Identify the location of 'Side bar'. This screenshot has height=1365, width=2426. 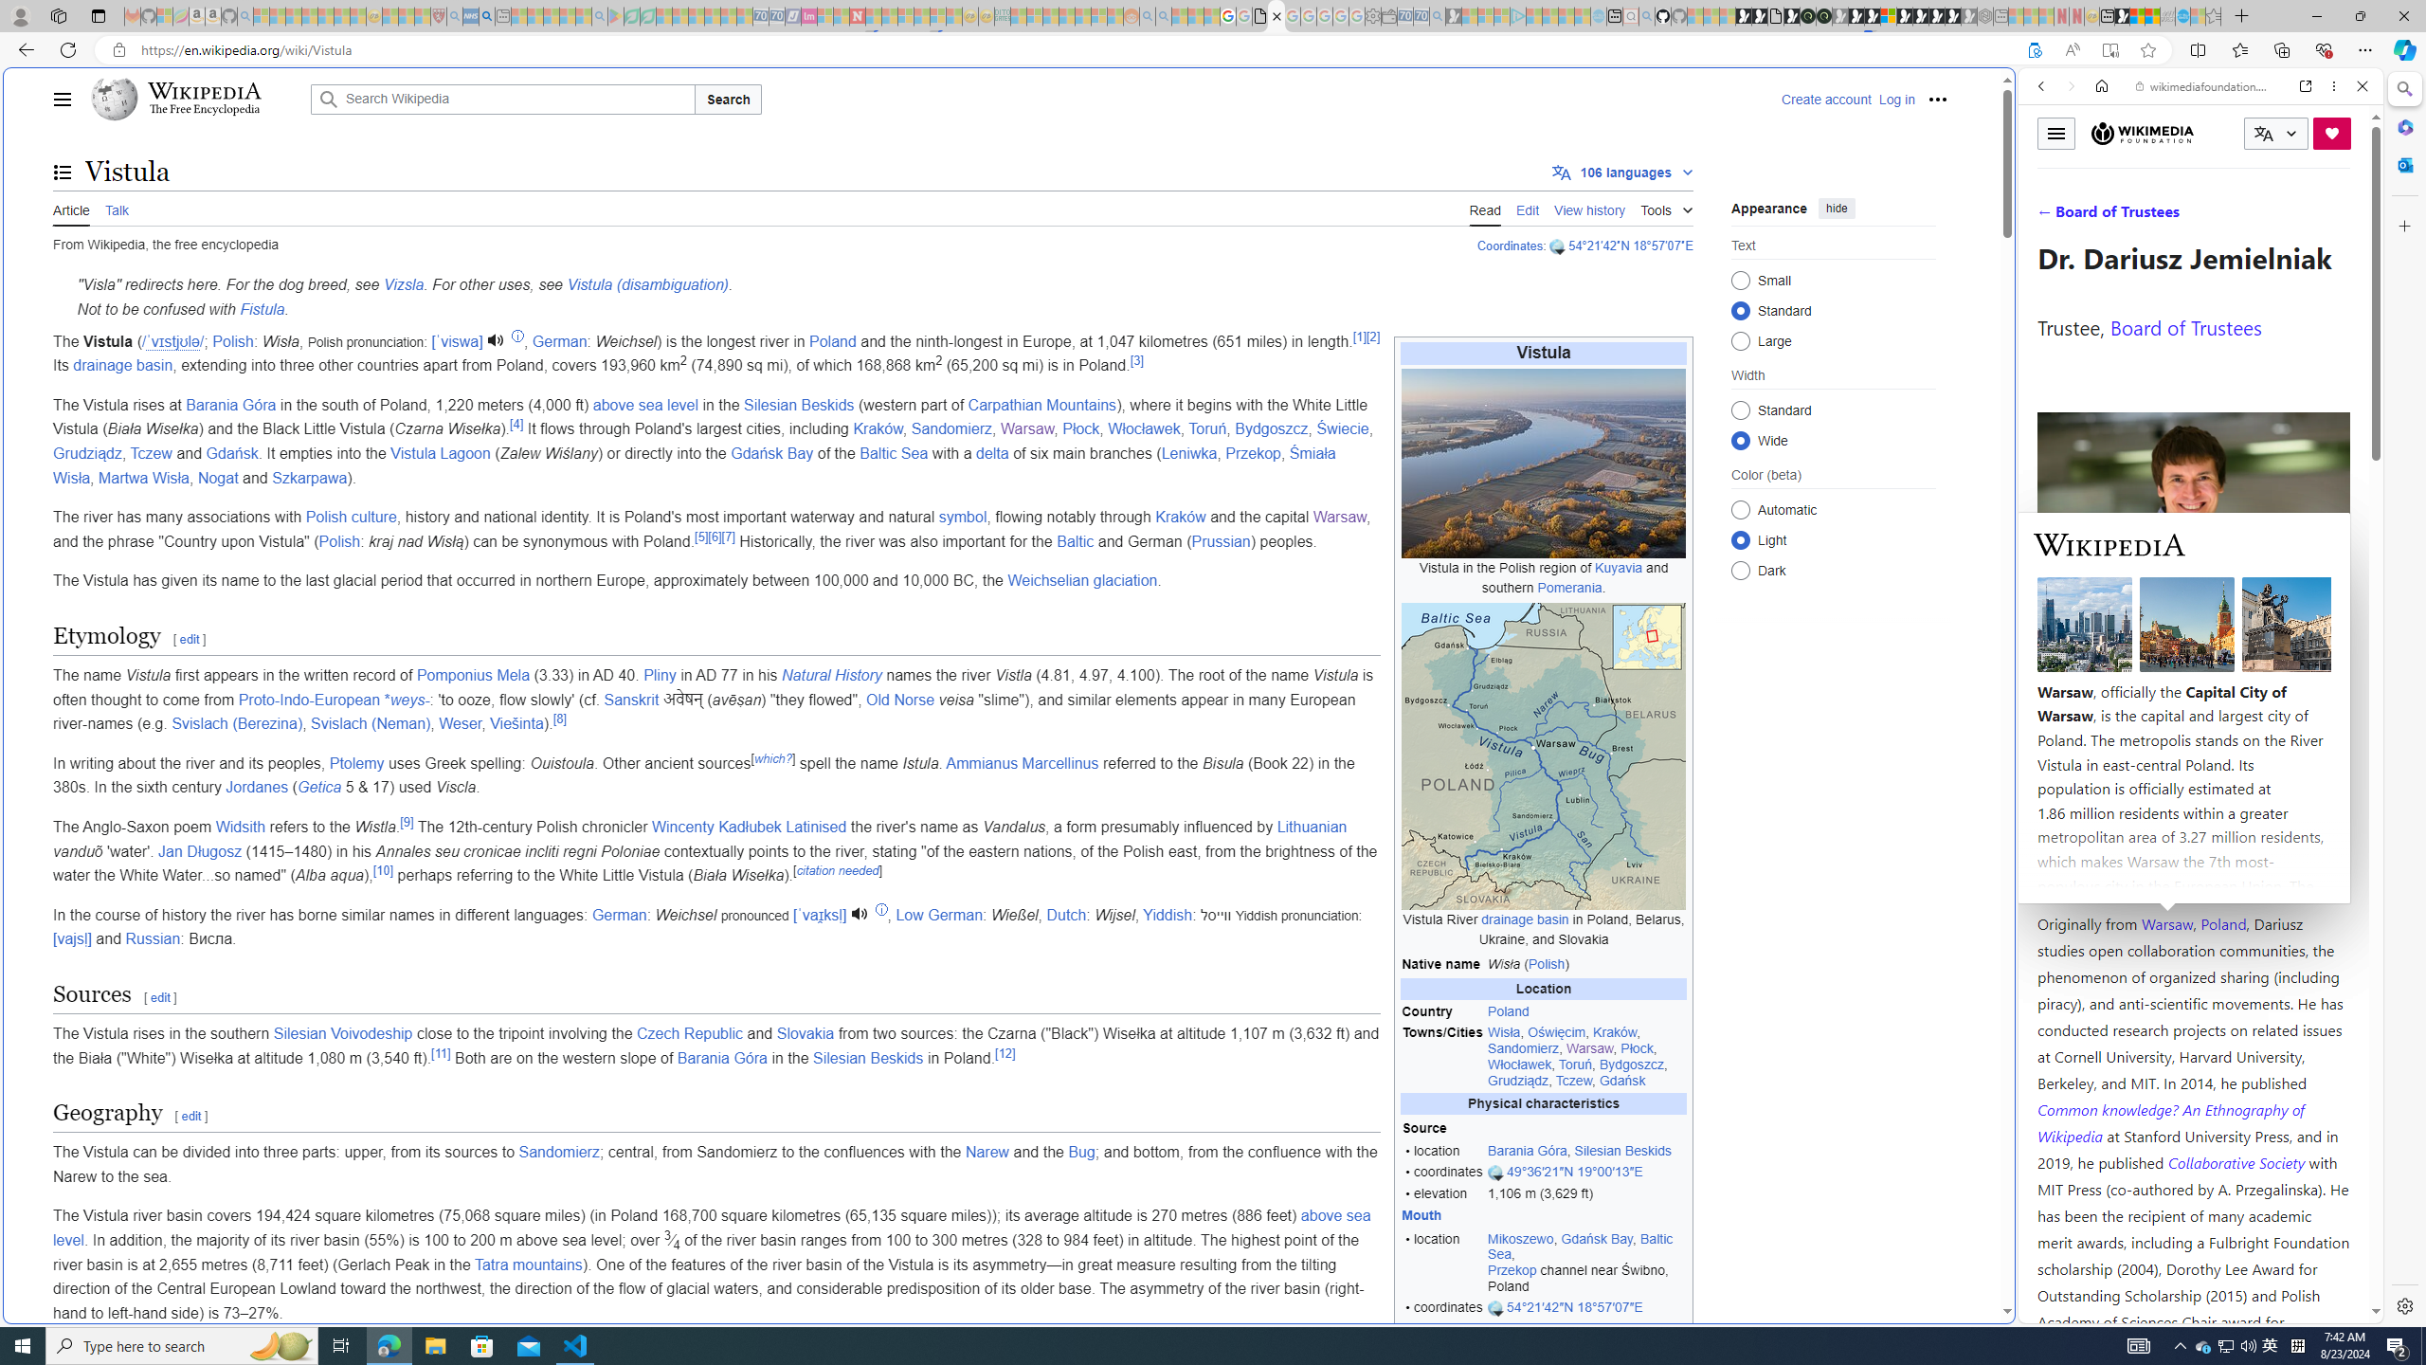
(2404, 697).